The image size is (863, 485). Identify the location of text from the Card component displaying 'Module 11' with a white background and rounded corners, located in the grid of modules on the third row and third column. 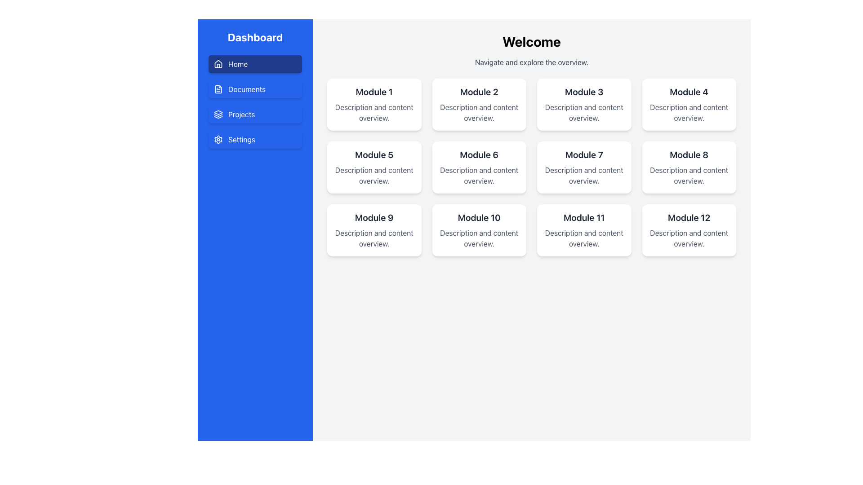
(584, 230).